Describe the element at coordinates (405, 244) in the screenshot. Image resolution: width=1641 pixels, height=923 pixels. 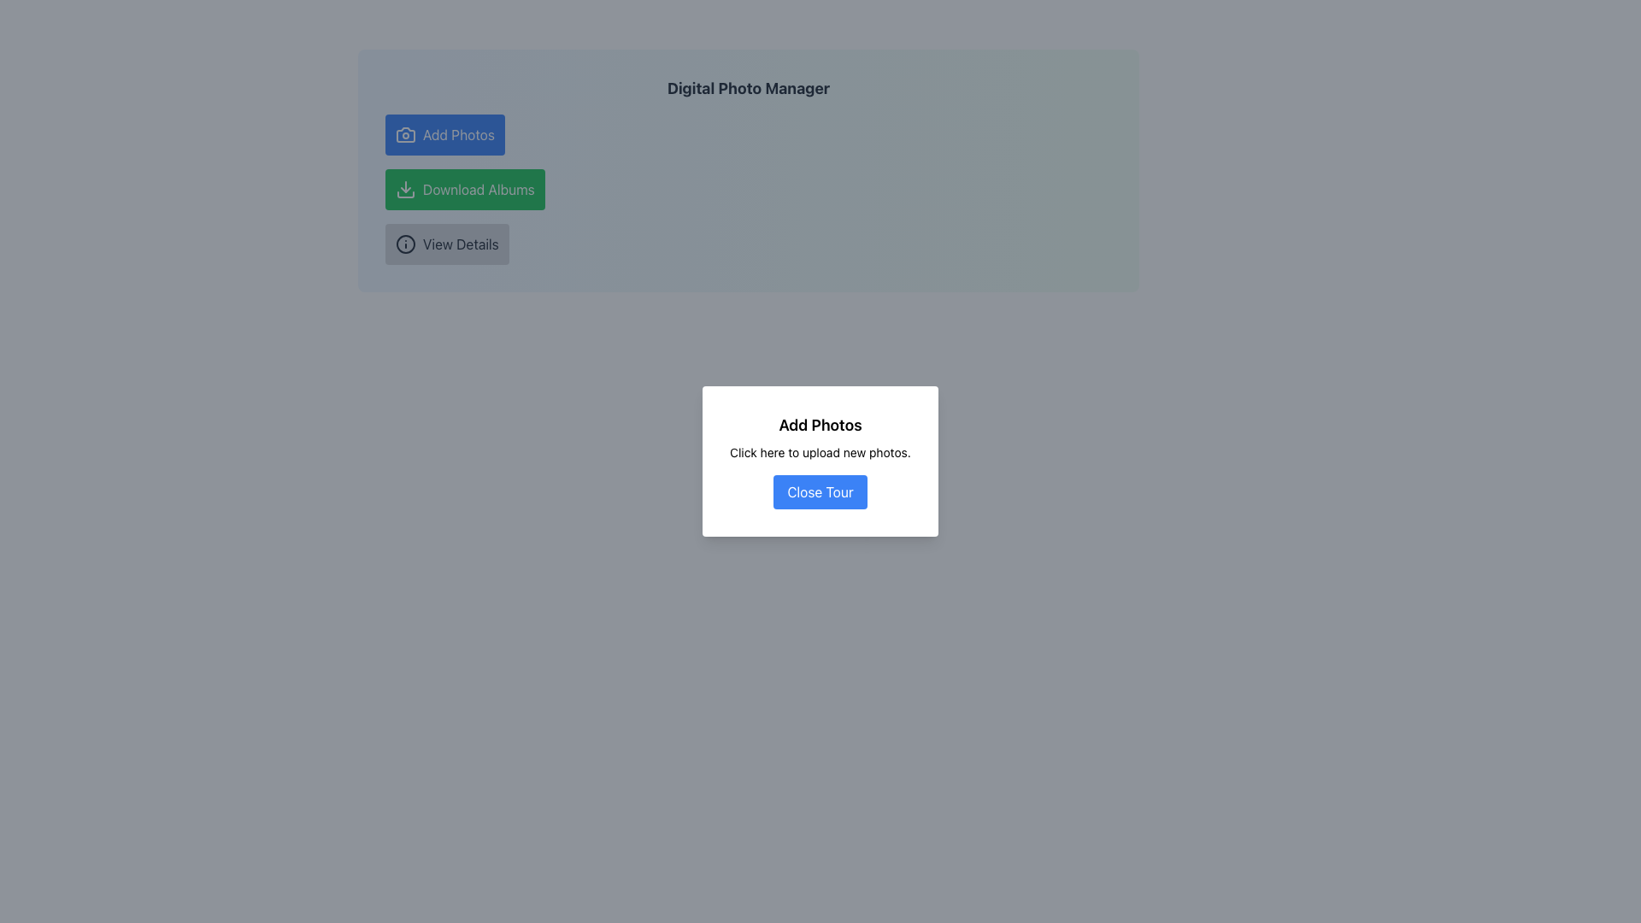
I see `the circular shape within the SVG icon that represents the information symbol, located at the center of the 'View Details' button` at that location.